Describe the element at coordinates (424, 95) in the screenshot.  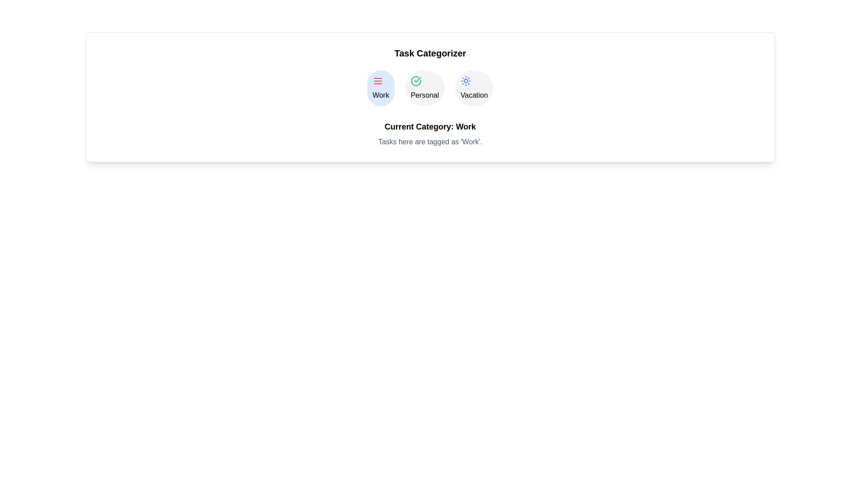
I see `the 'Personal' category text label, which is located in the middle of the interface under a green checkmark icon inside a circular gray background` at that location.